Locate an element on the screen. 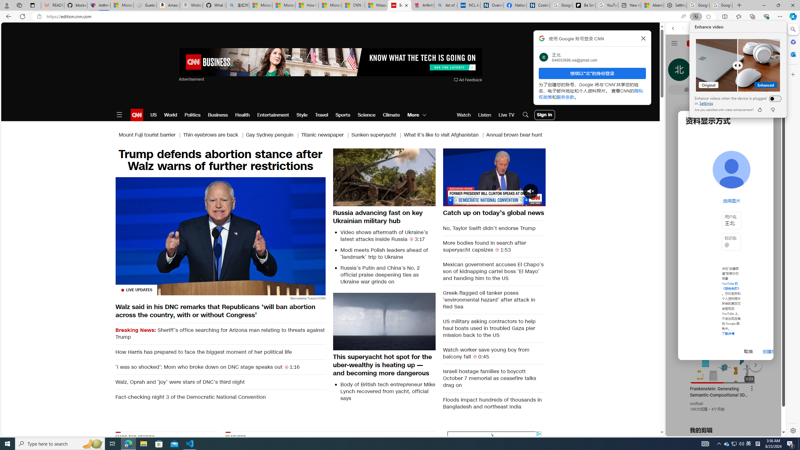 Image resolution: width=800 pixels, height=450 pixels. 'Task View' is located at coordinates (112, 443).